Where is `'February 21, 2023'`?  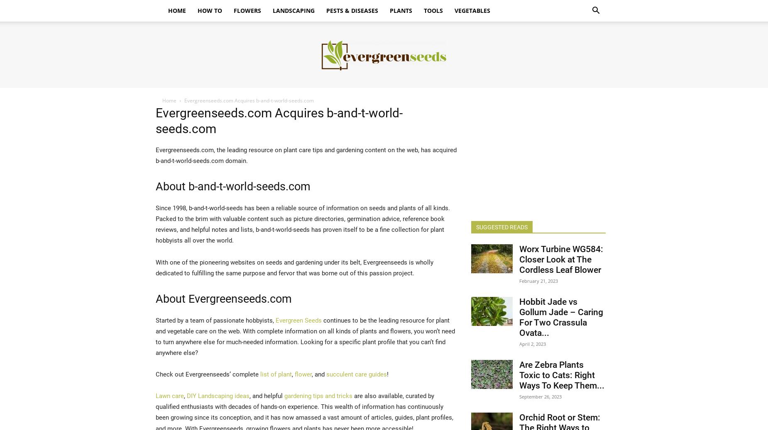 'February 21, 2023' is located at coordinates (538, 281).